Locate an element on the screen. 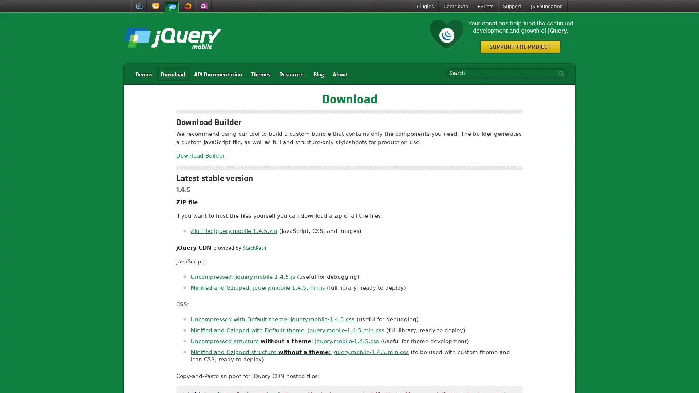 This screenshot has height=393, width=699. search is located at coordinates (559, 73).